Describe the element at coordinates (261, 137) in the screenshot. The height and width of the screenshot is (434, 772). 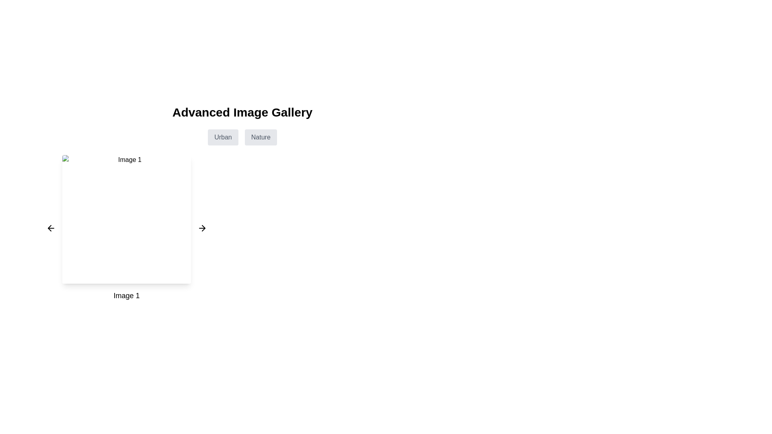
I see `the second button labeled 'Nature'` at that location.